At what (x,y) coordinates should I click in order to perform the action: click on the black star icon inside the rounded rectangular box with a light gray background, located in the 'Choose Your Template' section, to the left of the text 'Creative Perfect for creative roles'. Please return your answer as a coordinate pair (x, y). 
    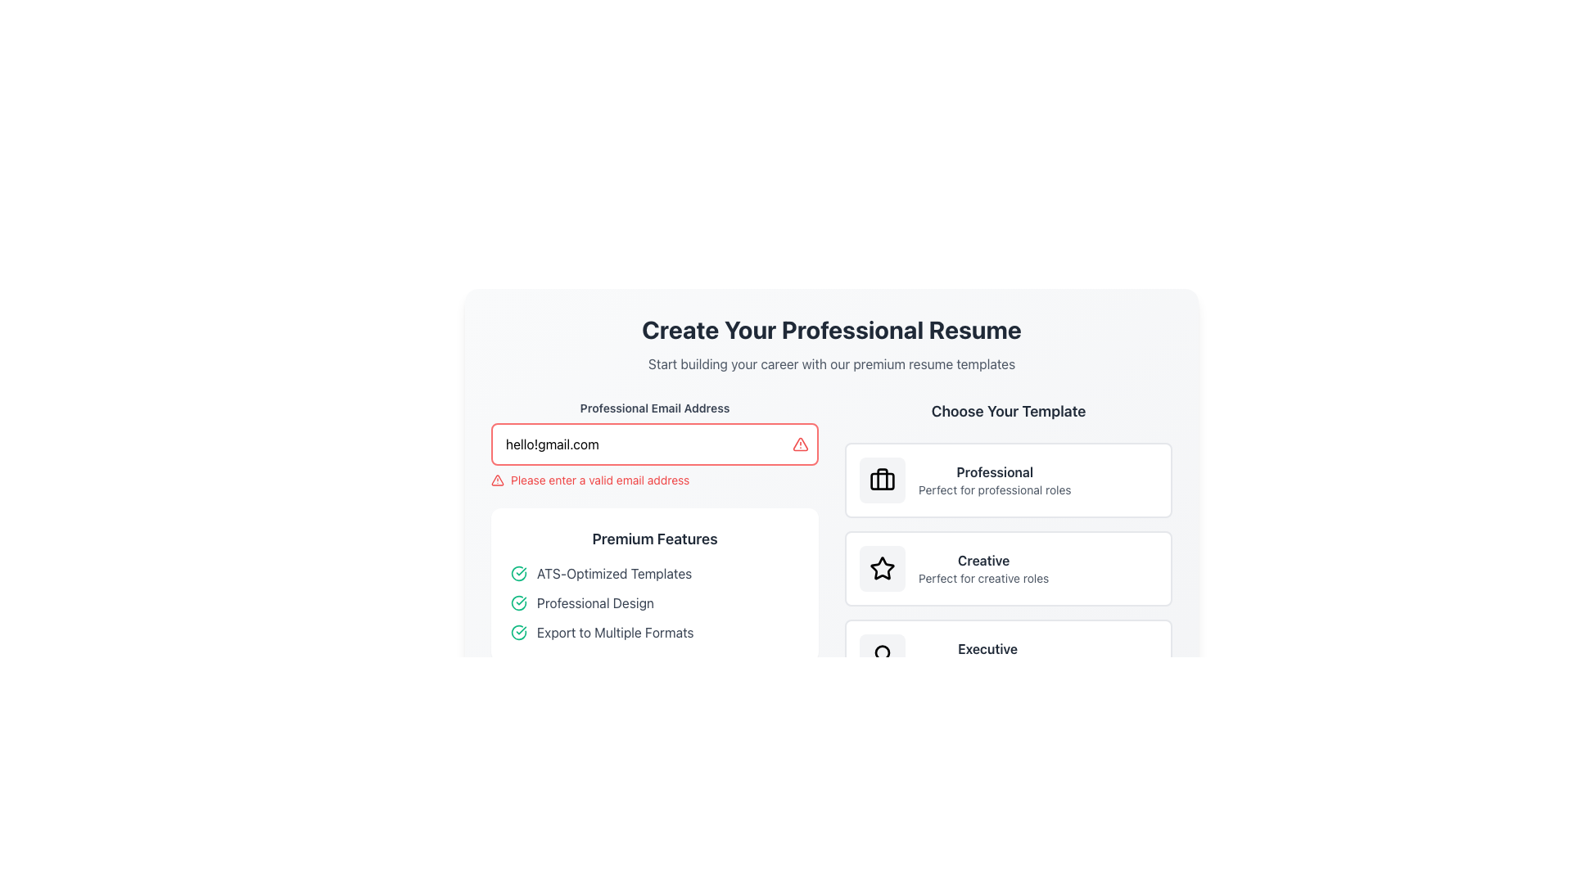
    Looking at the image, I should click on (882, 567).